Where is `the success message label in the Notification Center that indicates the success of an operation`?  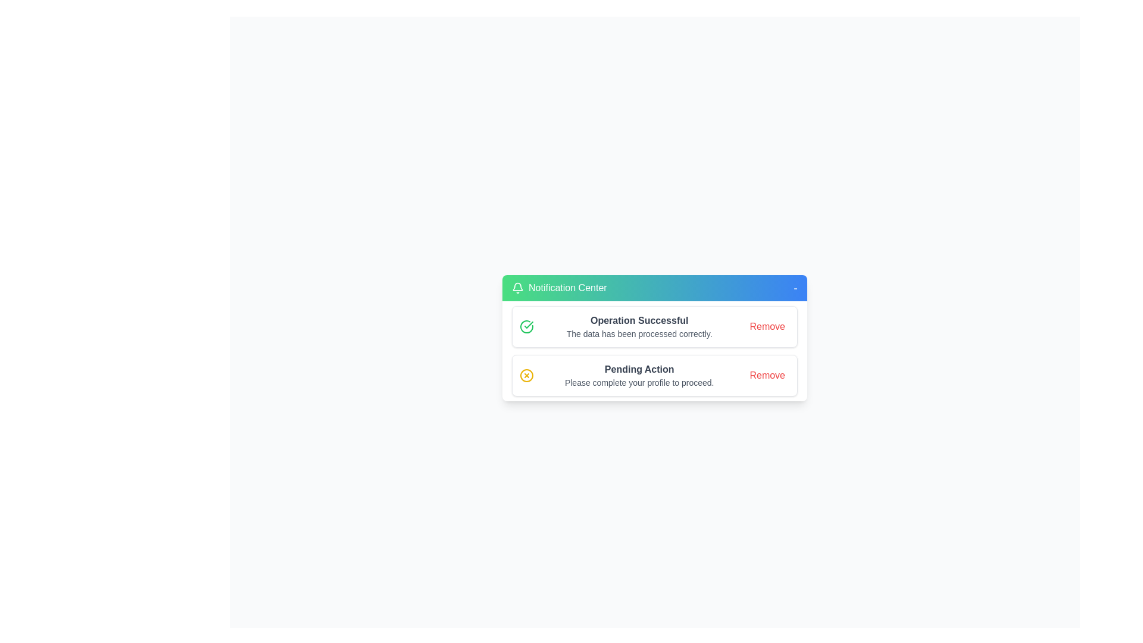 the success message label in the Notification Center that indicates the success of an operation is located at coordinates (639, 320).